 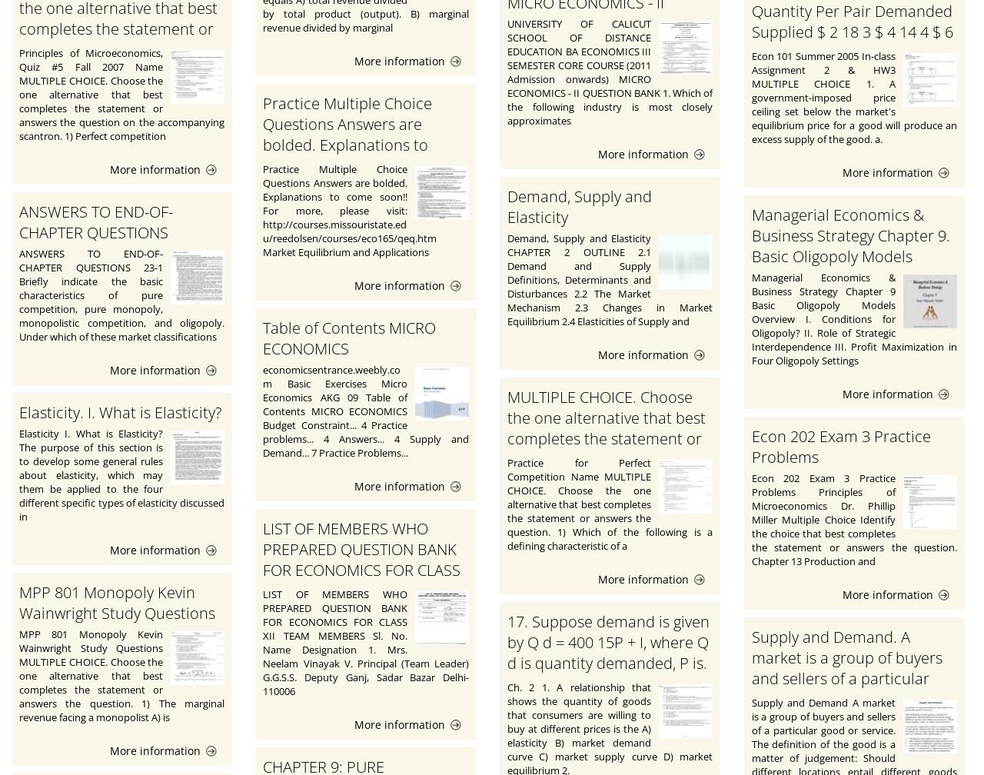 What do you see at coordinates (121, 295) in the screenshot?
I see `'ANSWERS TO END-OF-CHAPTER QUESTIONS 23-1 Briefly indicate the basic characteristics of pure competition, pure monopoly, monopolistic competition, and oligopoly. Under which of these market classifications'` at bounding box center [121, 295].